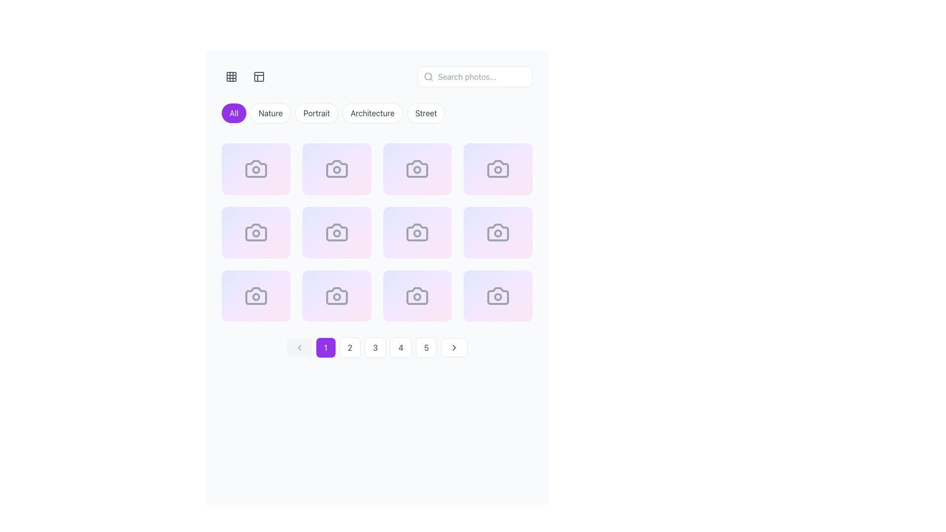 The width and height of the screenshot is (946, 532). I want to click on the Chevron Icon used for navigation, so click(454, 347).